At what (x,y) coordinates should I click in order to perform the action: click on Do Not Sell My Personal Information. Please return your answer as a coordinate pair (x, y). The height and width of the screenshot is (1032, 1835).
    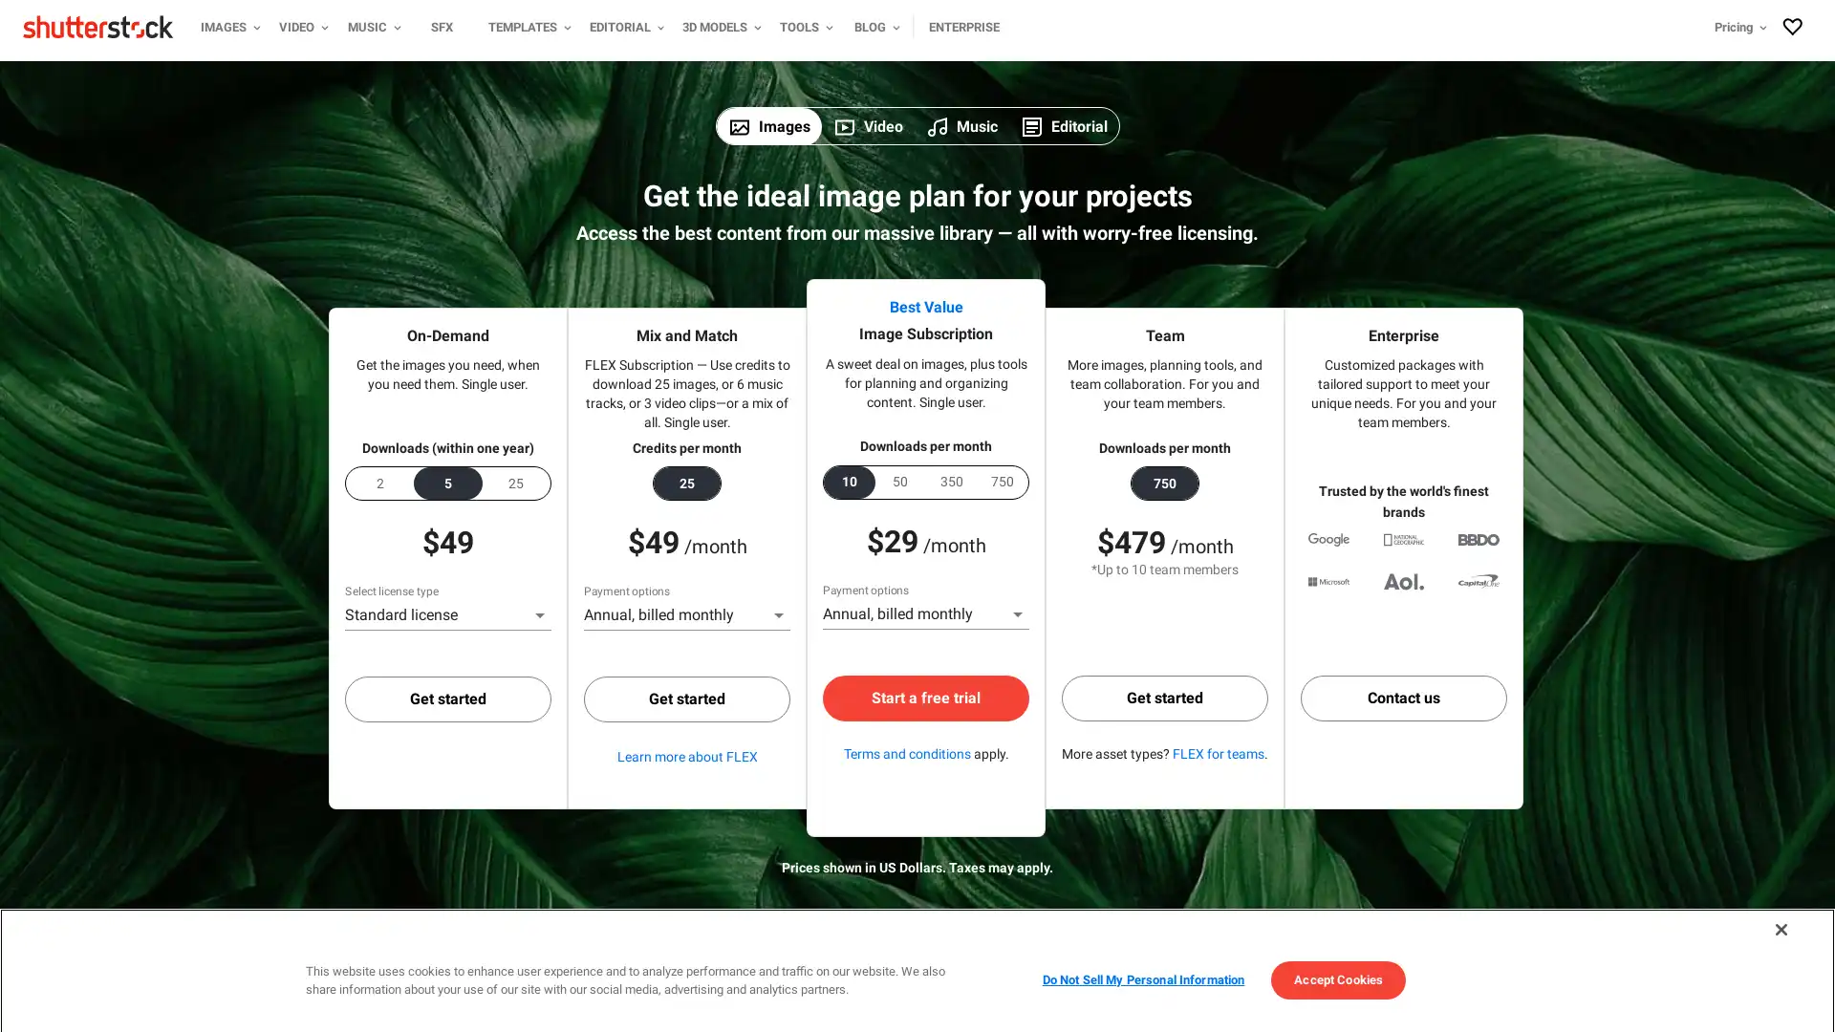
    Looking at the image, I should click on (1142, 959).